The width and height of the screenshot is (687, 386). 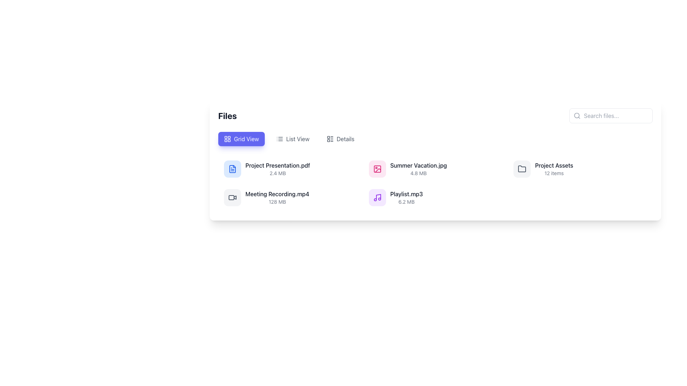 I want to click on the second file list item labeled 'Summer Vacation.jpg', so click(x=408, y=169).